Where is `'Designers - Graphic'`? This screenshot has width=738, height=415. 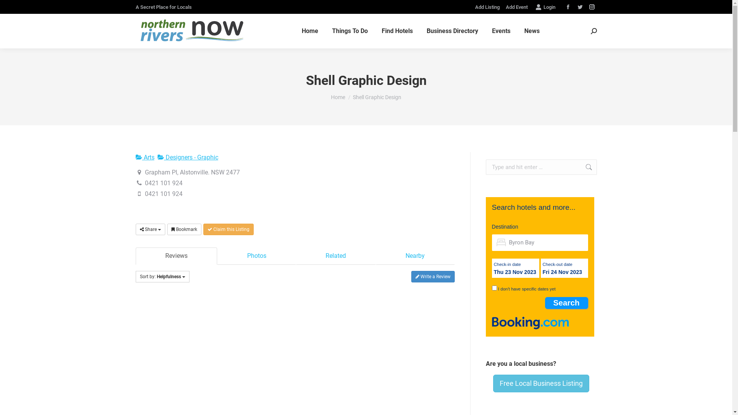 'Designers - Graphic' is located at coordinates (157, 157).